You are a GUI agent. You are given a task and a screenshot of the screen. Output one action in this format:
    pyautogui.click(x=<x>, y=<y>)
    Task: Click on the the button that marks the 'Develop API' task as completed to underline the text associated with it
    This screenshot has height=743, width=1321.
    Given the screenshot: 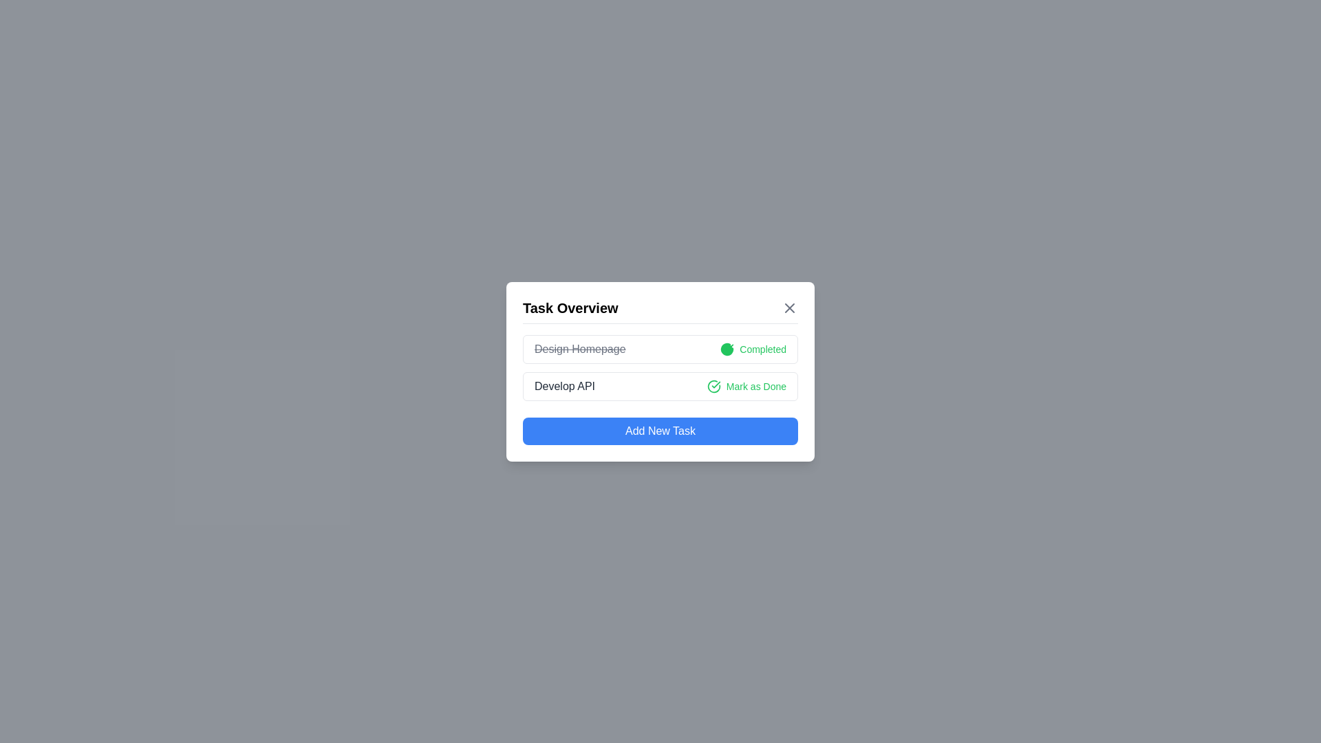 What is the action you would take?
    pyautogui.click(x=746, y=386)
    